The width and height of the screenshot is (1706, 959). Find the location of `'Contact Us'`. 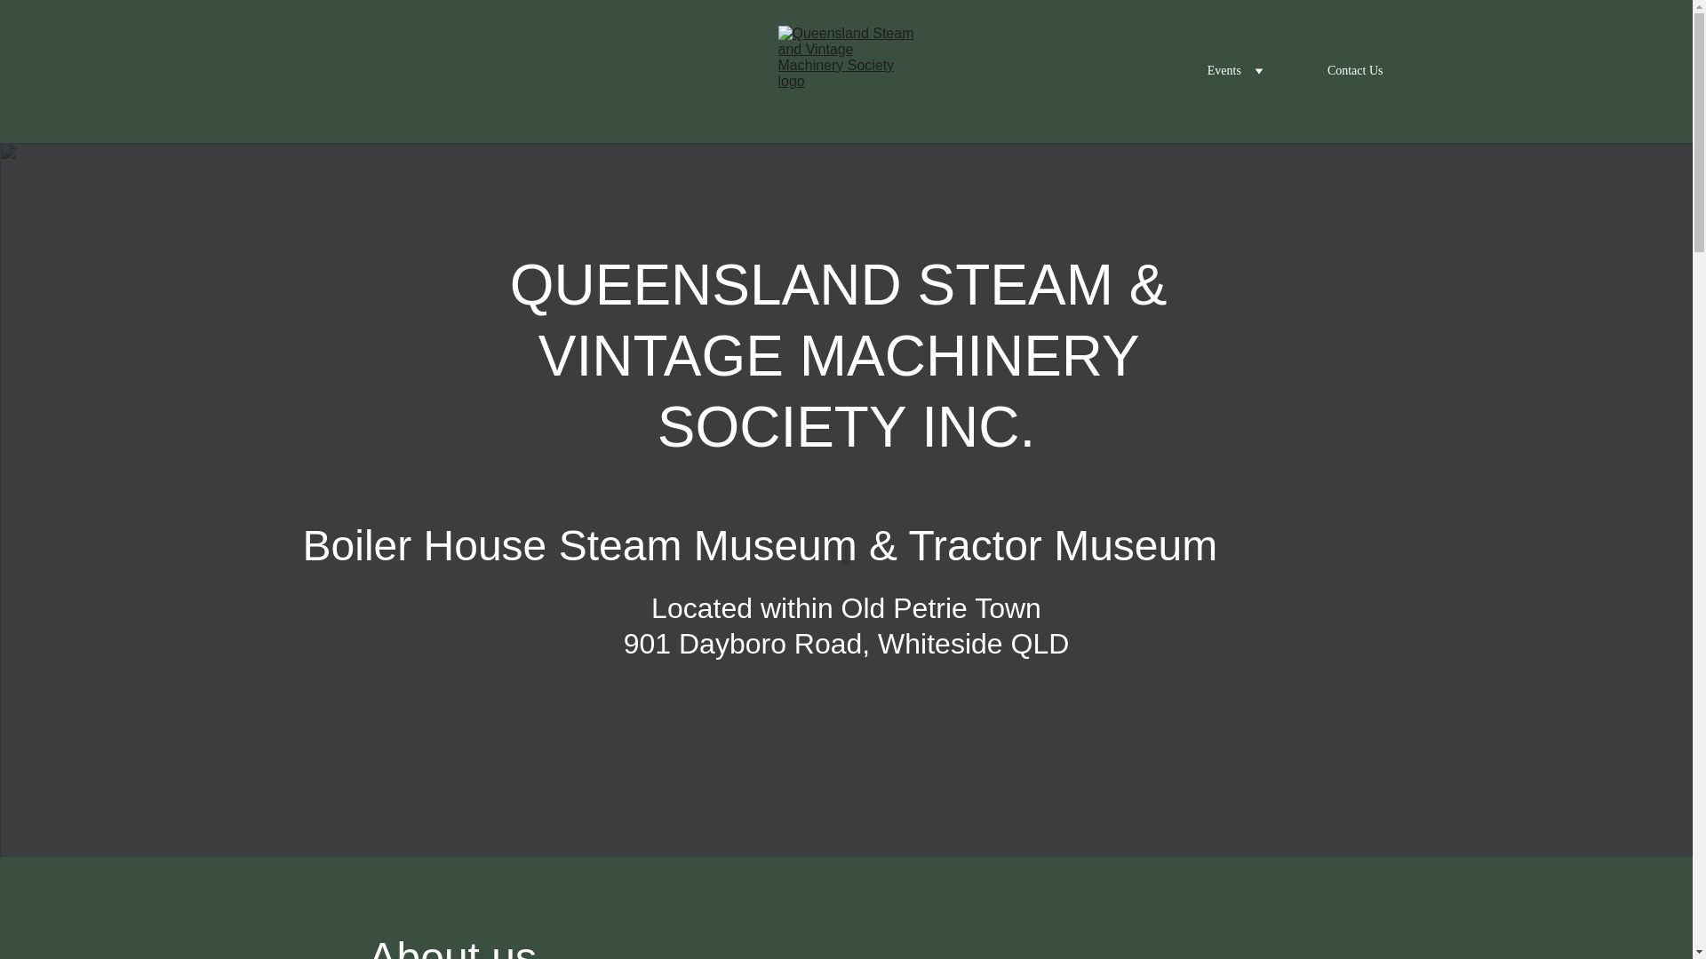

'Contact Us' is located at coordinates (1354, 70).